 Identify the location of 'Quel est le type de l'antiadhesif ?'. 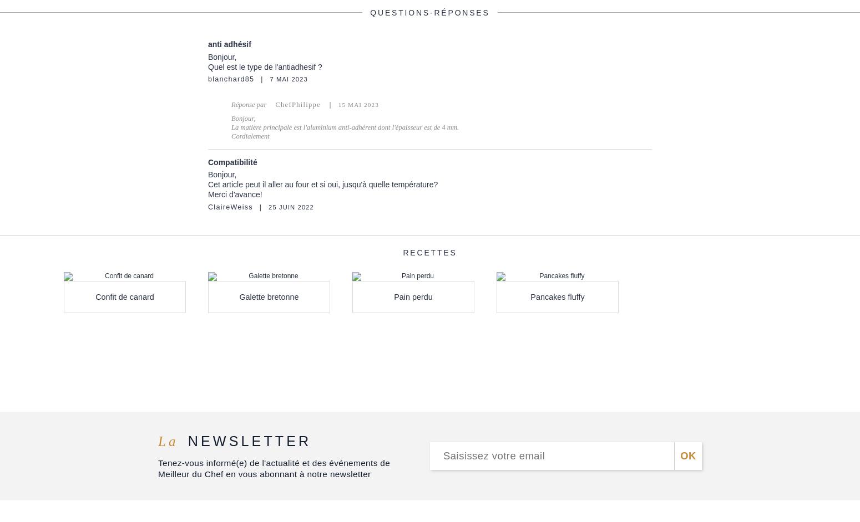
(264, 66).